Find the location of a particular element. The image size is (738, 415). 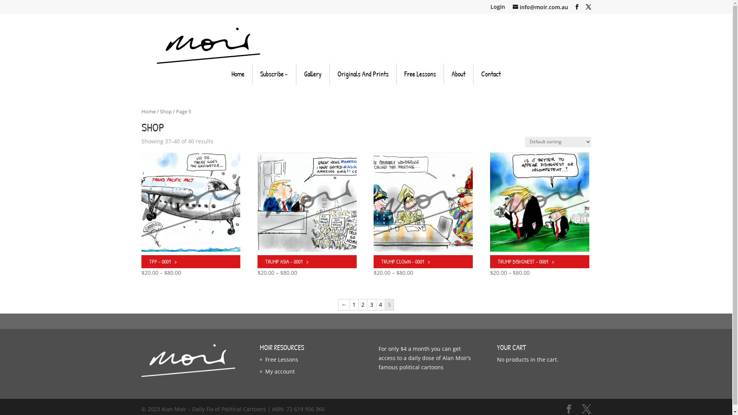

'info@moir.com.au' is located at coordinates (540, 7).